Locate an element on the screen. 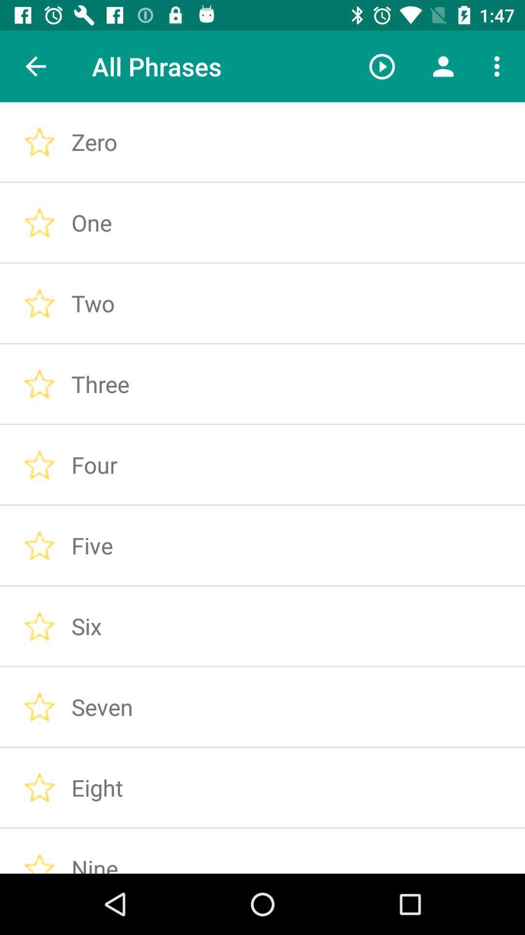  item next to all phrases icon is located at coordinates (382, 66).